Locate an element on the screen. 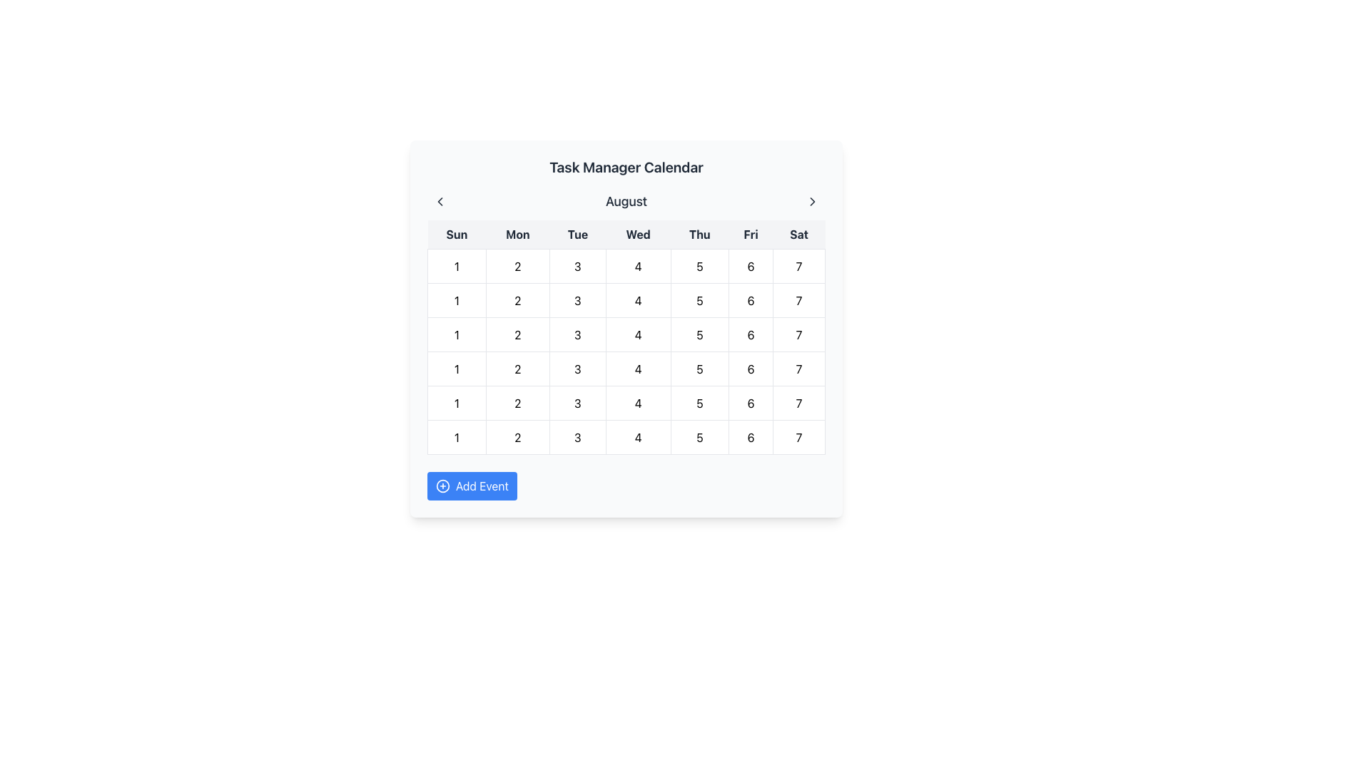 The width and height of the screenshot is (1370, 770). the date element representing the 3rd is located at coordinates (577, 403).